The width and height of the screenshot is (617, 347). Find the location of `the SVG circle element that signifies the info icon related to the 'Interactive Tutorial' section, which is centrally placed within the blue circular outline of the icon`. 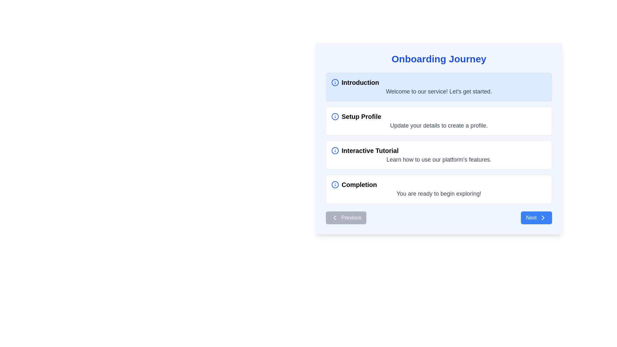

the SVG circle element that signifies the info icon related to the 'Interactive Tutorial' section, which is centrally placed within the blue circular outline of the icon is located at coordinates (335, 151).